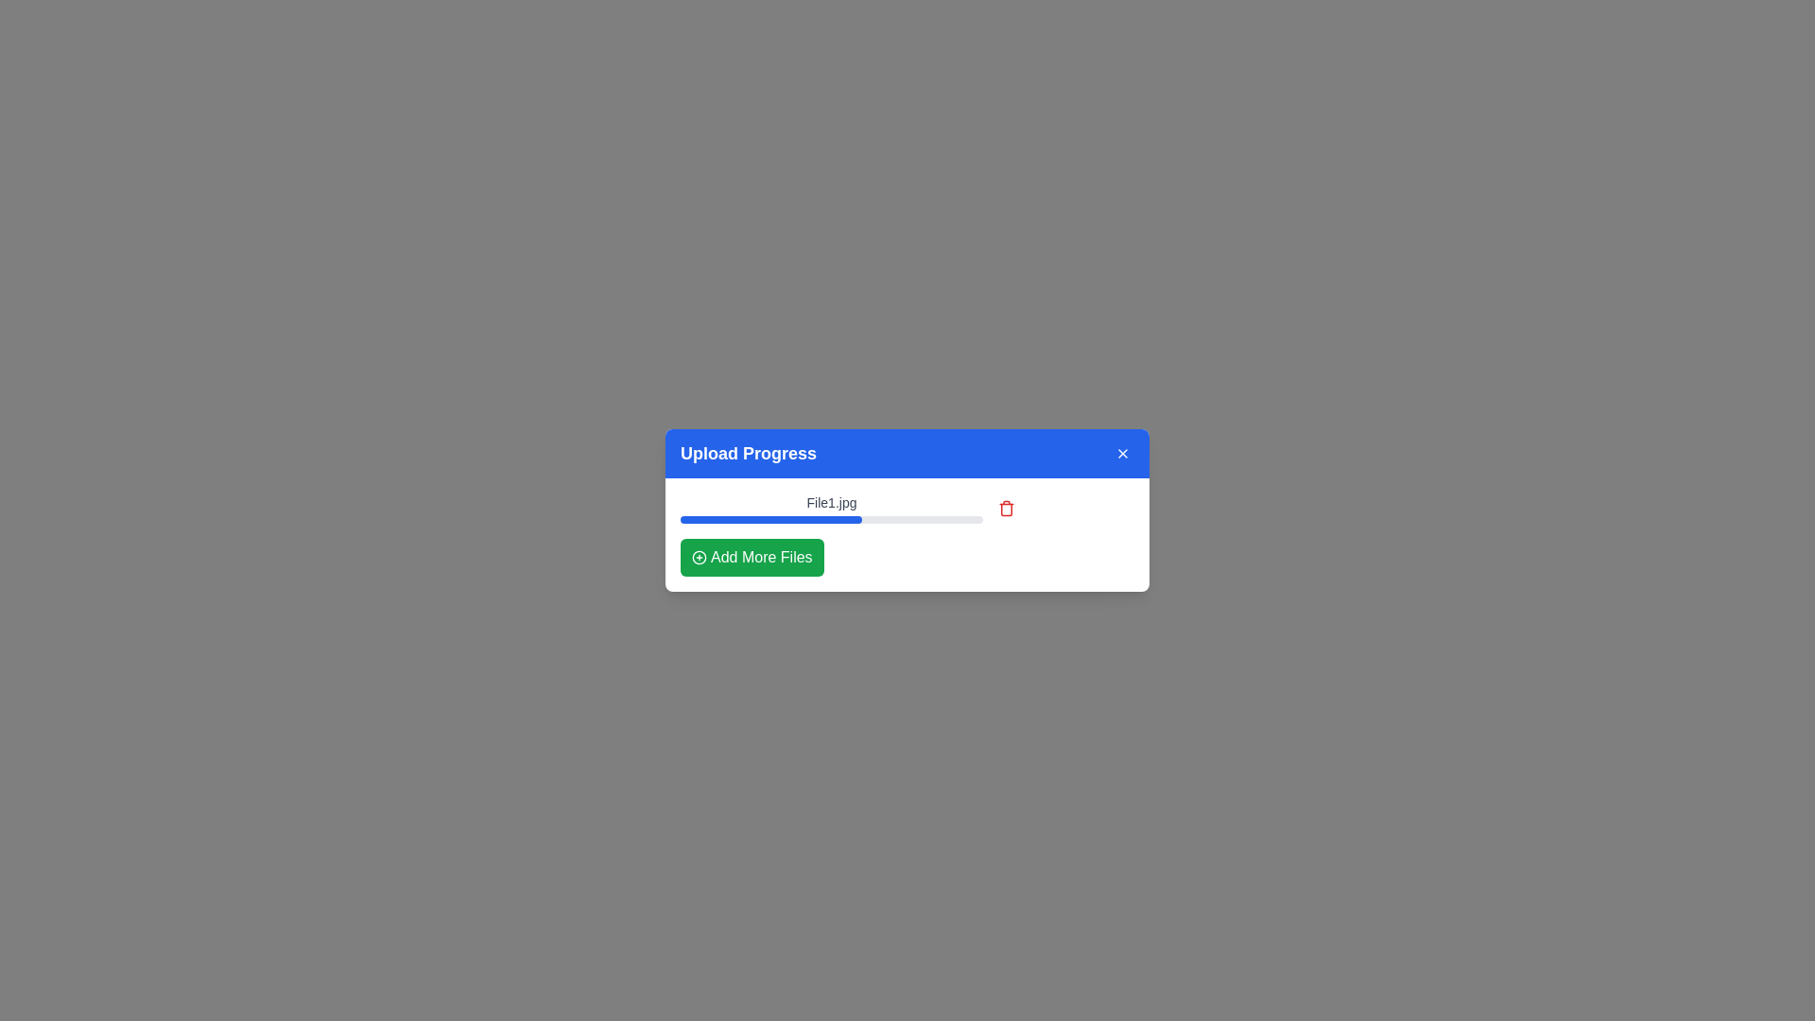 The width and height of the screenshot is (1815, 1021). What do you see at coordinates (698, 557) in the screenshot?
I see `the '+' icon located at the left end of the 'Add More Files' button in the 'Upload Progress' modal` at bounding box center [698, 557].